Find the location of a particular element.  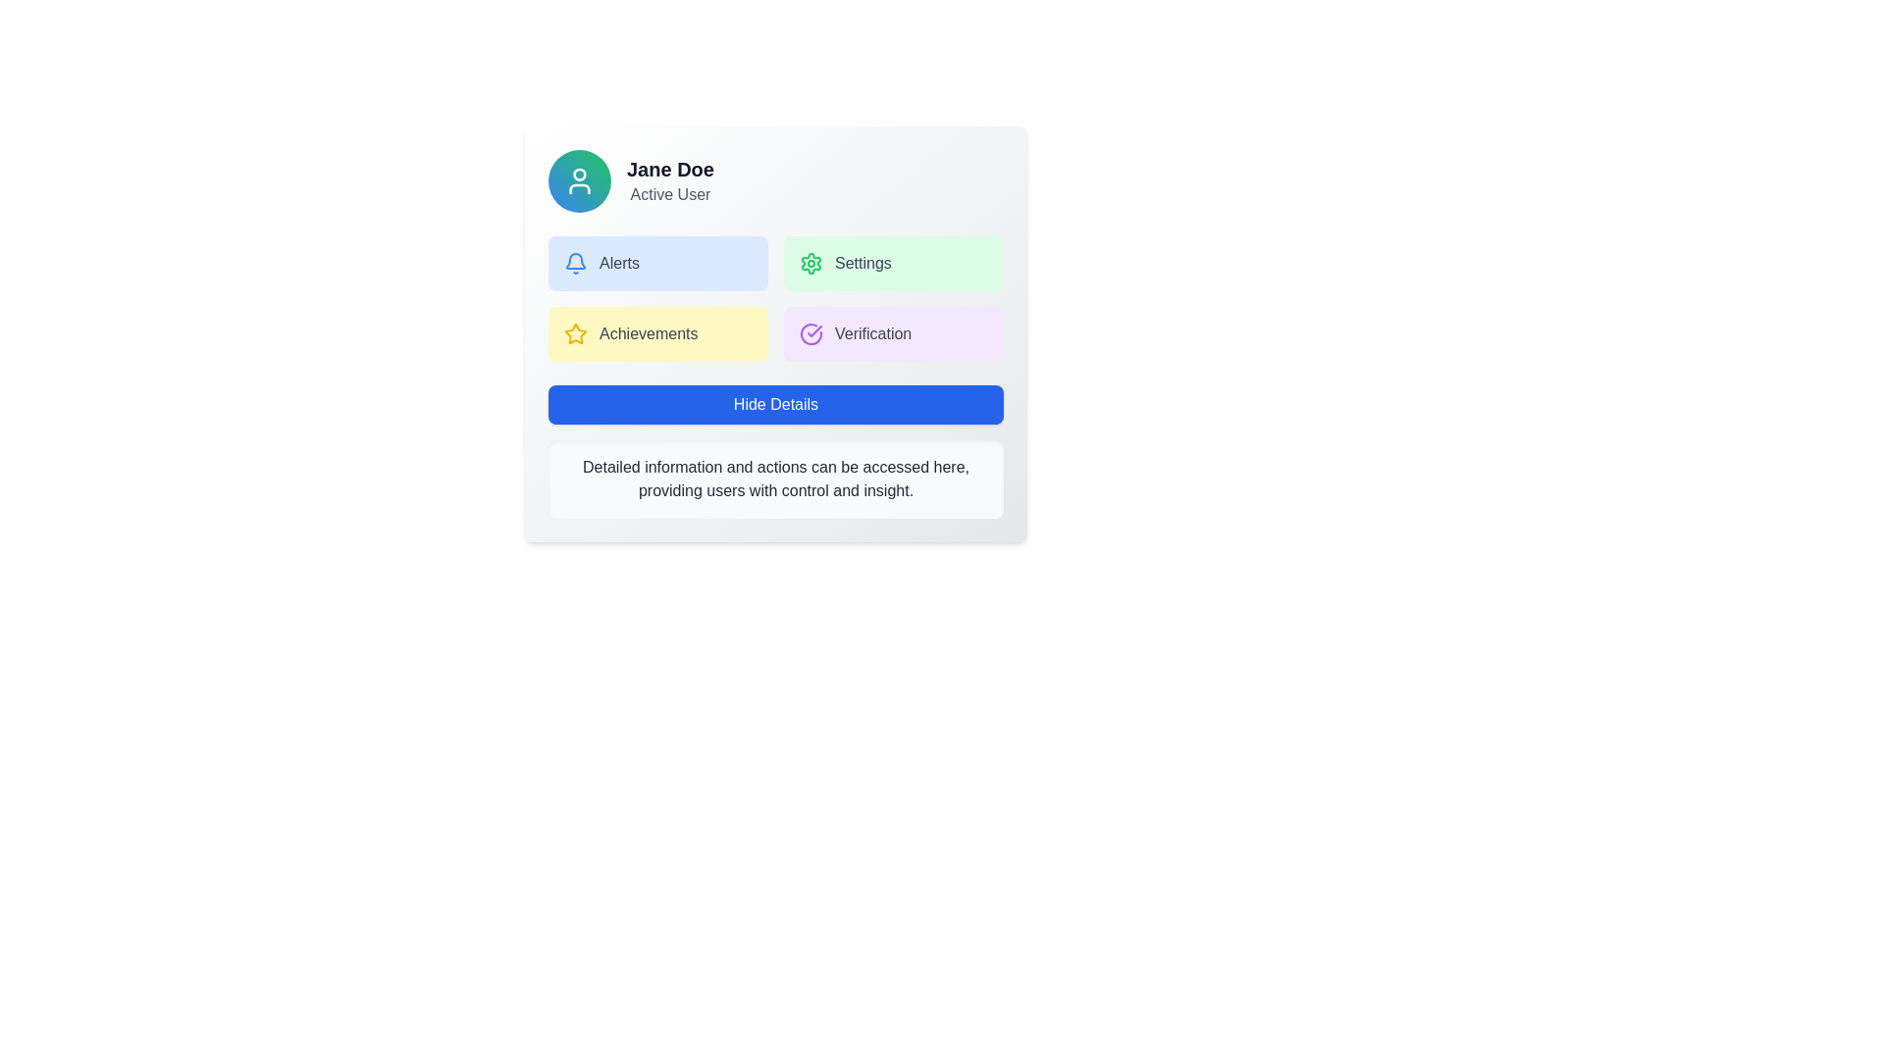

the star icon representing the 'Achievements' section, which is is located at coordinates (574, 332).